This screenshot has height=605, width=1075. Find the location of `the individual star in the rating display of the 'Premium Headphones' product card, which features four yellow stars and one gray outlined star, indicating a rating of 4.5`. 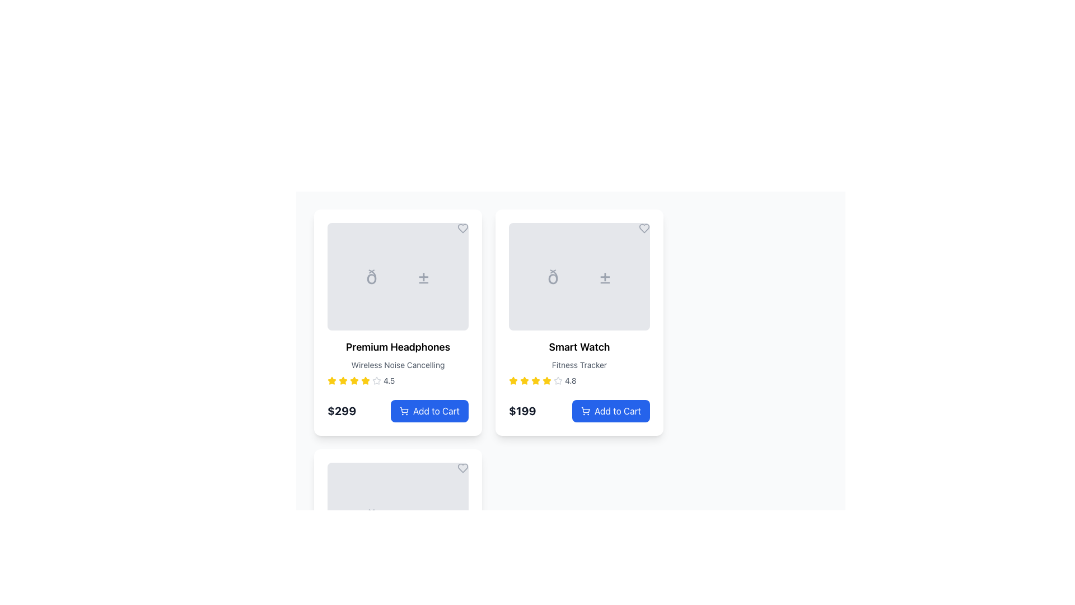

the individual star in the rating display of the 'Premium Headphones' product card, which features four yellow stars and one gray outlined star, indicating a rating of 4.5 is located at coordinates (398, 380).